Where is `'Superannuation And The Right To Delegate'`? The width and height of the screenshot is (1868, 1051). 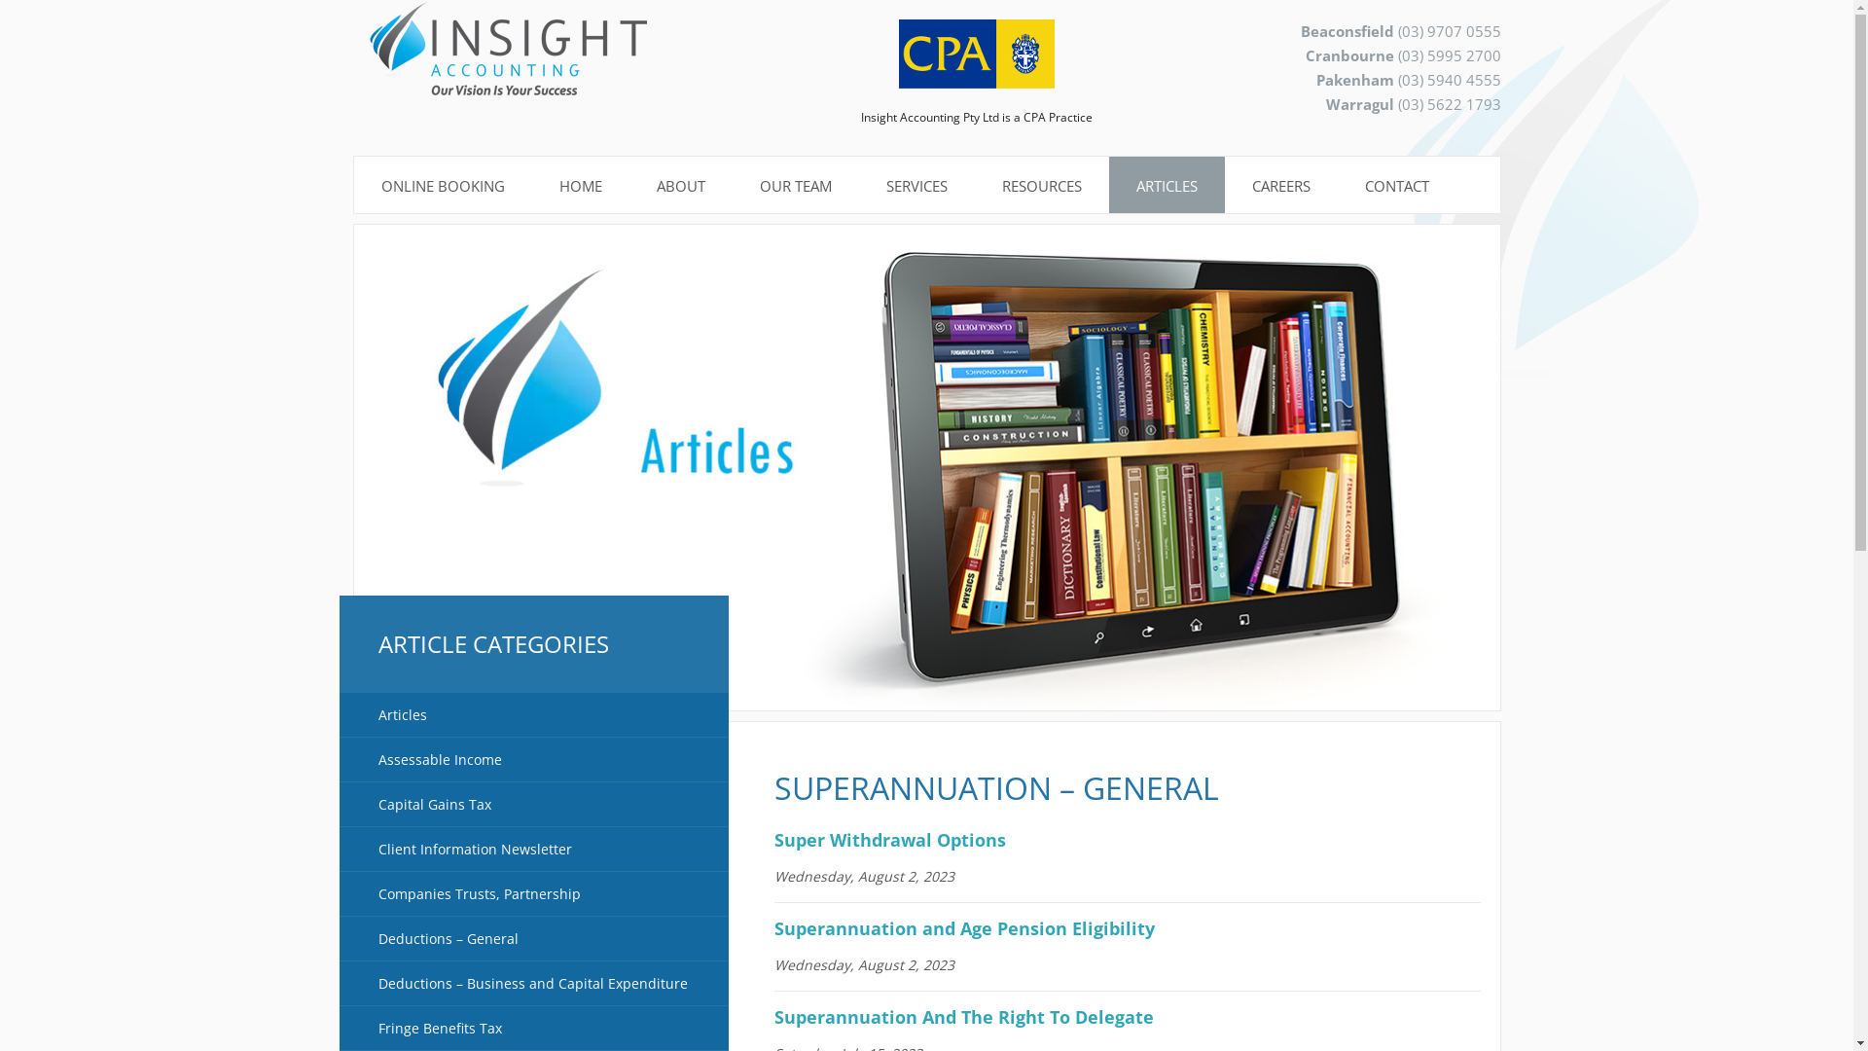
'Superannuation And The Right To Delegate' is located at coordinates (963, 1016).